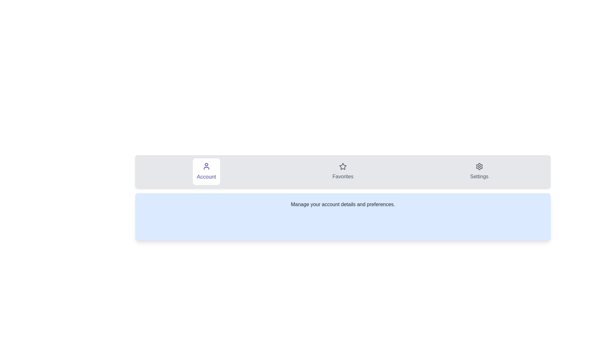  What do you see at coordinates (479, 172) in the screenshot?
I see `the Settings tab by clicking on its button` at bounding box center [479, 172].